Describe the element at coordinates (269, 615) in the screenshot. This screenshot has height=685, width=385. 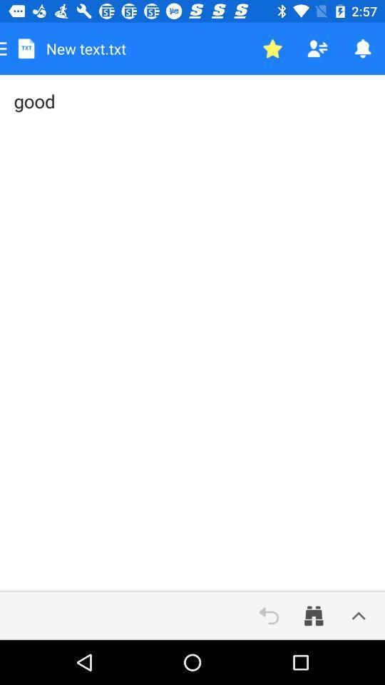
I see `refresh` at that location.